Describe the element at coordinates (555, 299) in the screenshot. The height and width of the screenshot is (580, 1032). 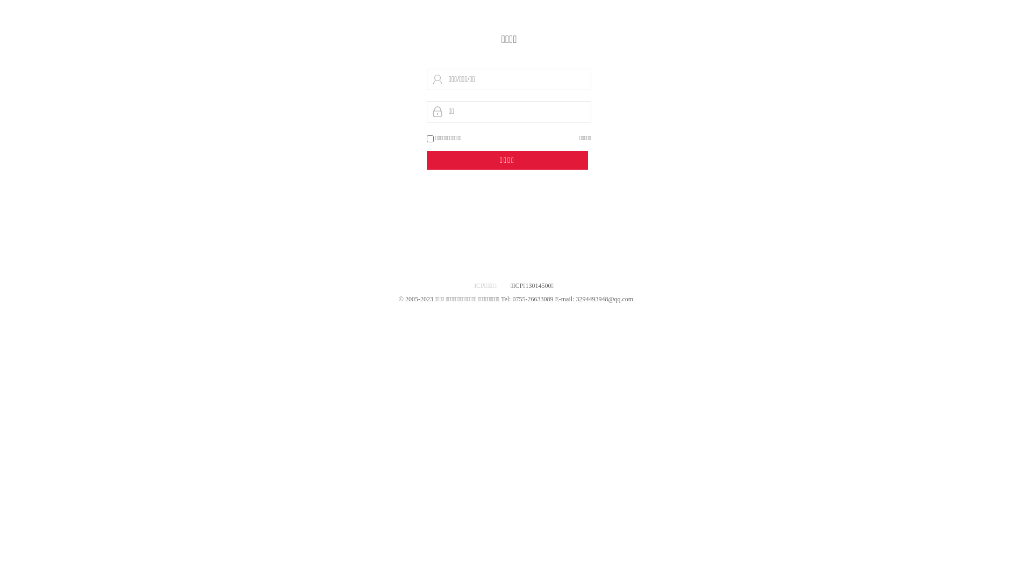
I see `'E-mail: 3294493948@qq.com'` at that location.